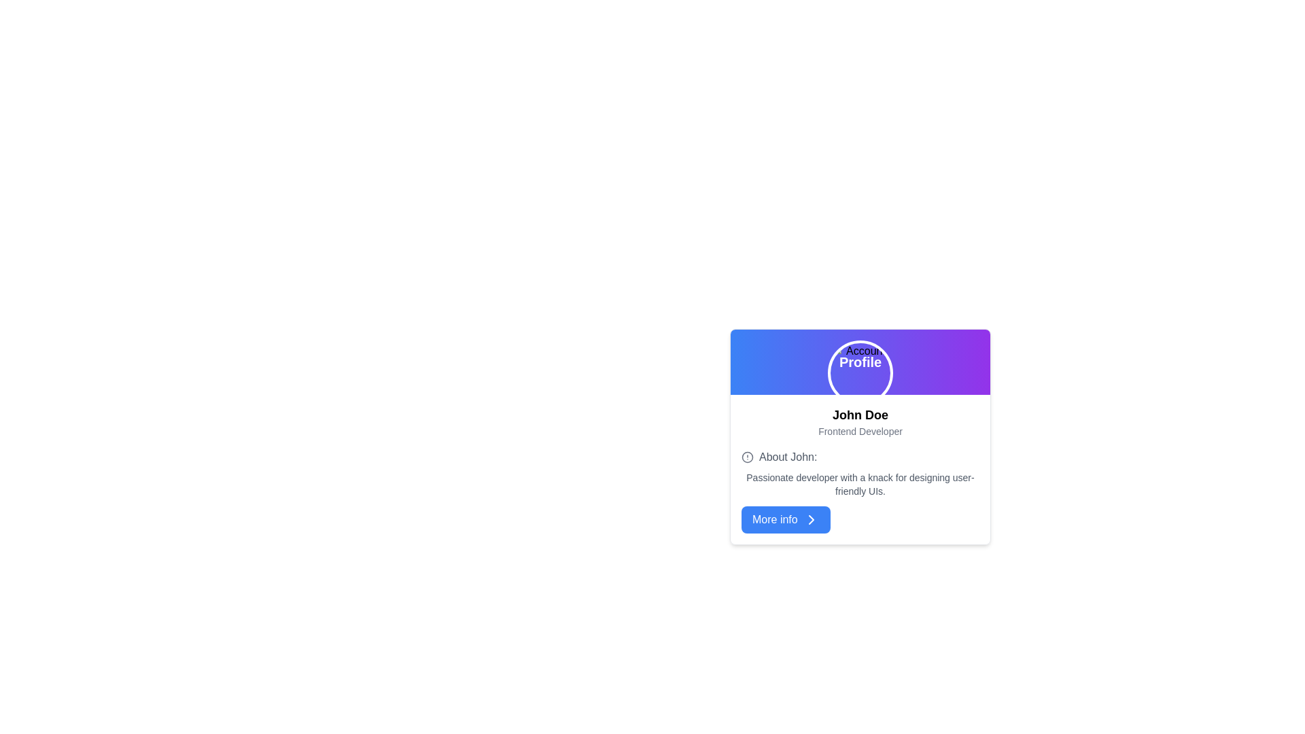  What do you see at coordinates (860, 414) in the screenshot?
I see `displayed name 'John Doe' from the bold black text label located at the center of the card layout` at bounding box center [860, 414].